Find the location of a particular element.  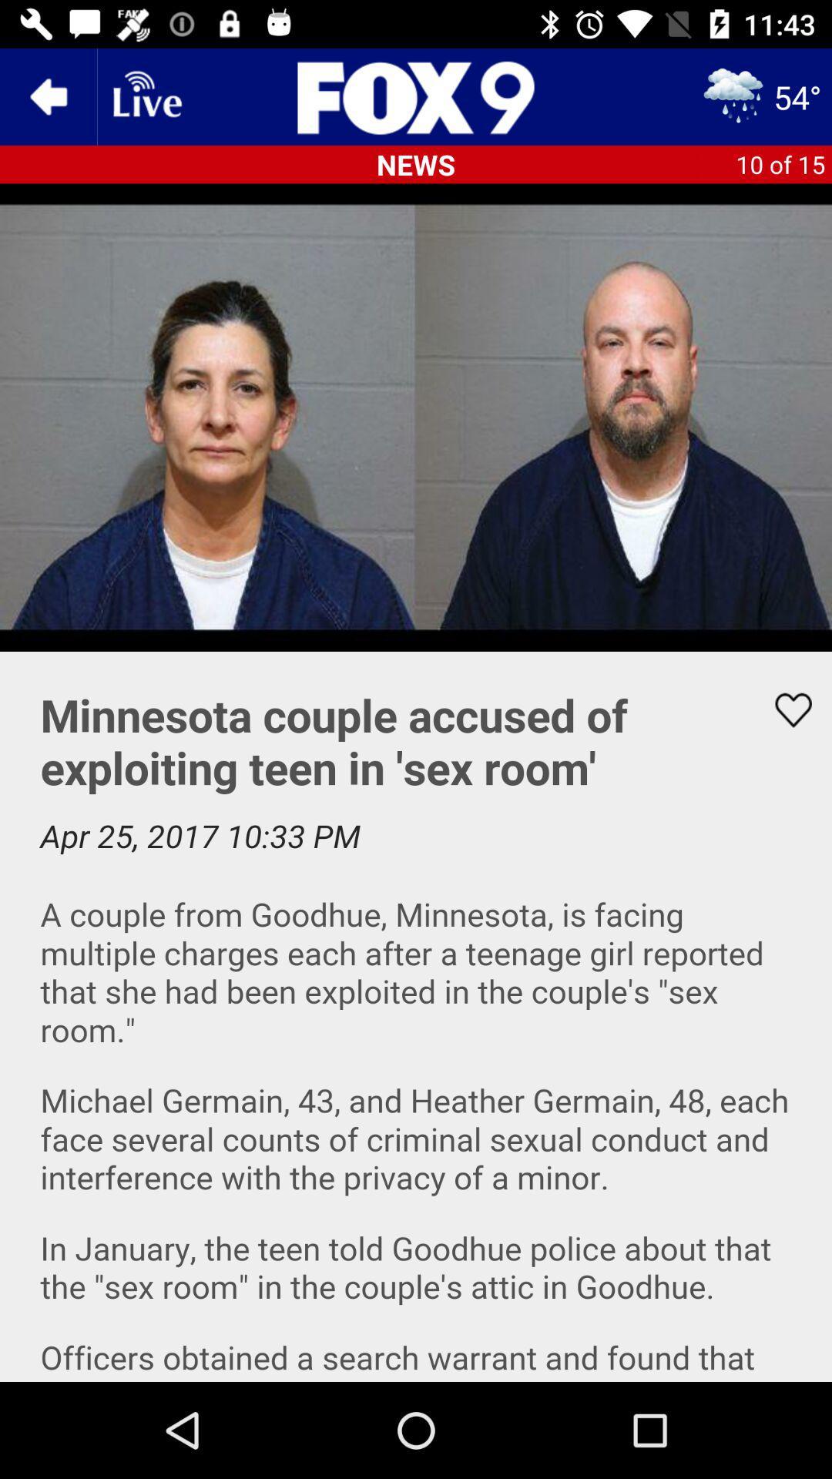

go homepage is located at coordinates (416, 96).